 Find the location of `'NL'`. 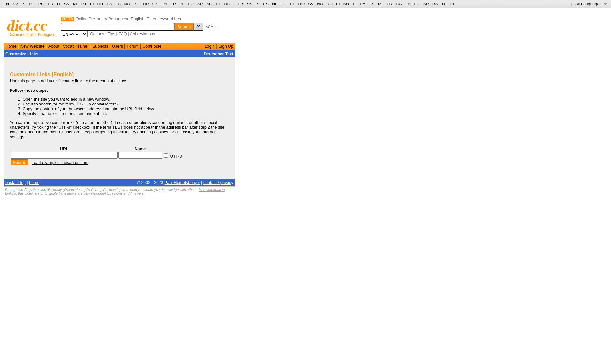

'NL' is located at coordinates (275, 4).